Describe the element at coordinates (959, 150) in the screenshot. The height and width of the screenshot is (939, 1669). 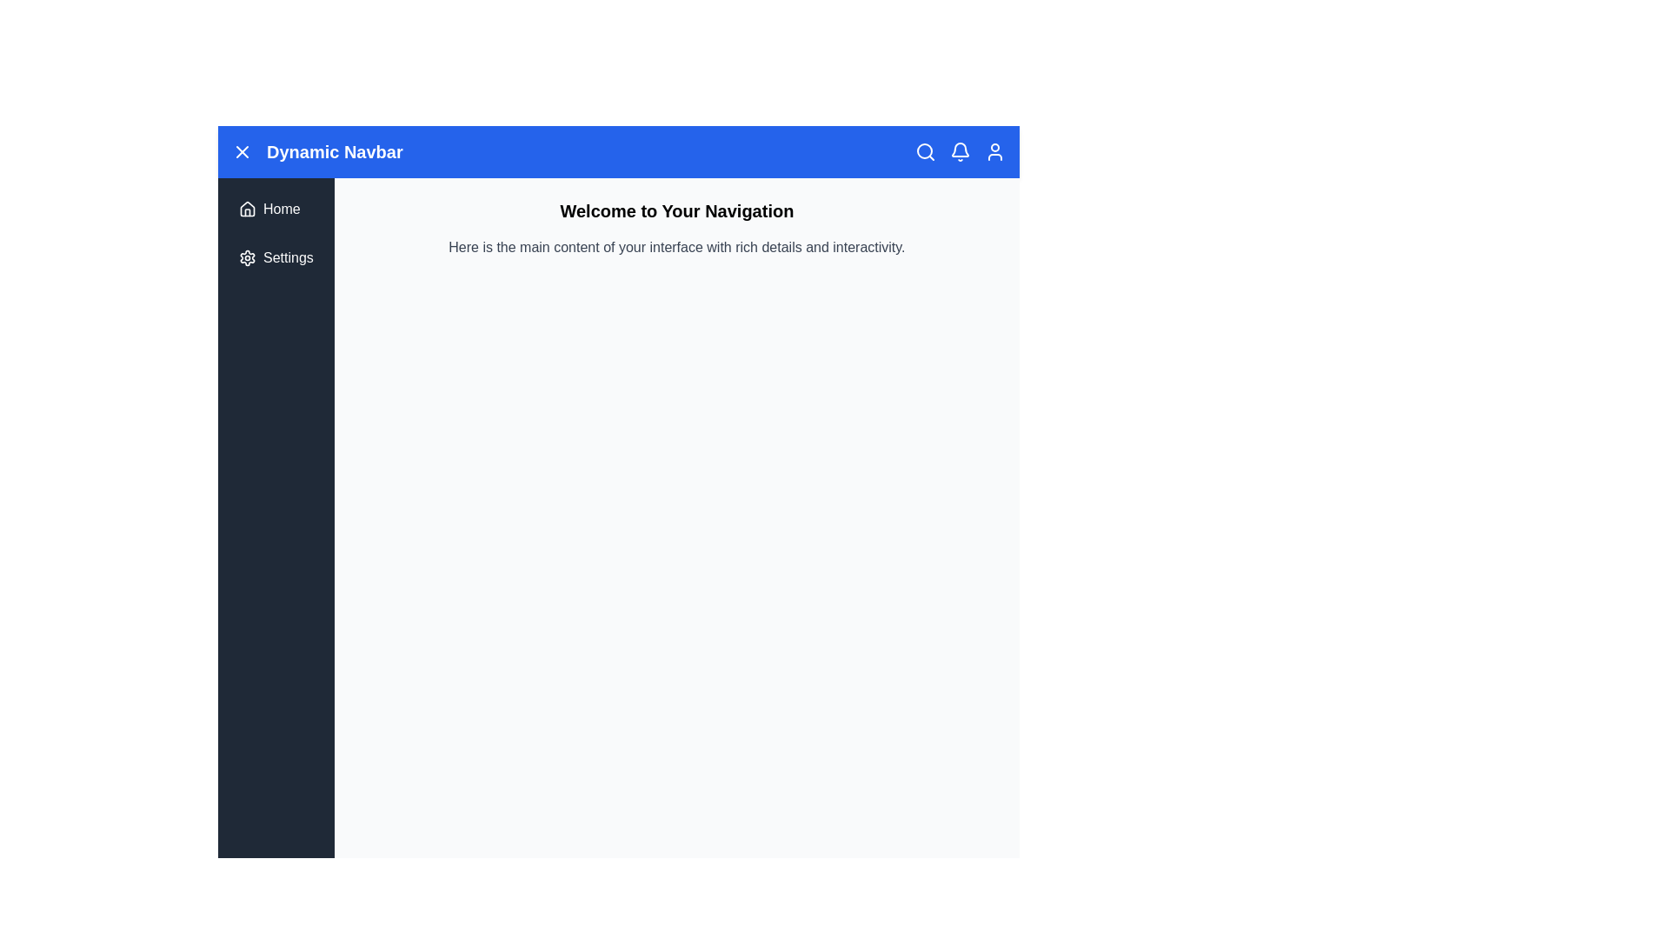
I see `the notification bell icon, which is styled in white color and located in the top-right navigation bar` at that location.